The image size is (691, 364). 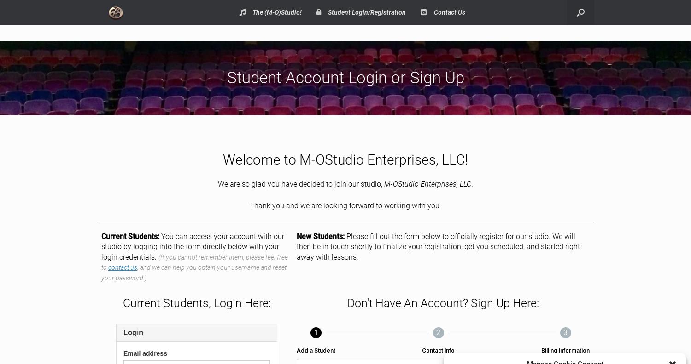 I want to click on 'Don't Have An Account? Sign Up Here:', so click(x=442, y=303).